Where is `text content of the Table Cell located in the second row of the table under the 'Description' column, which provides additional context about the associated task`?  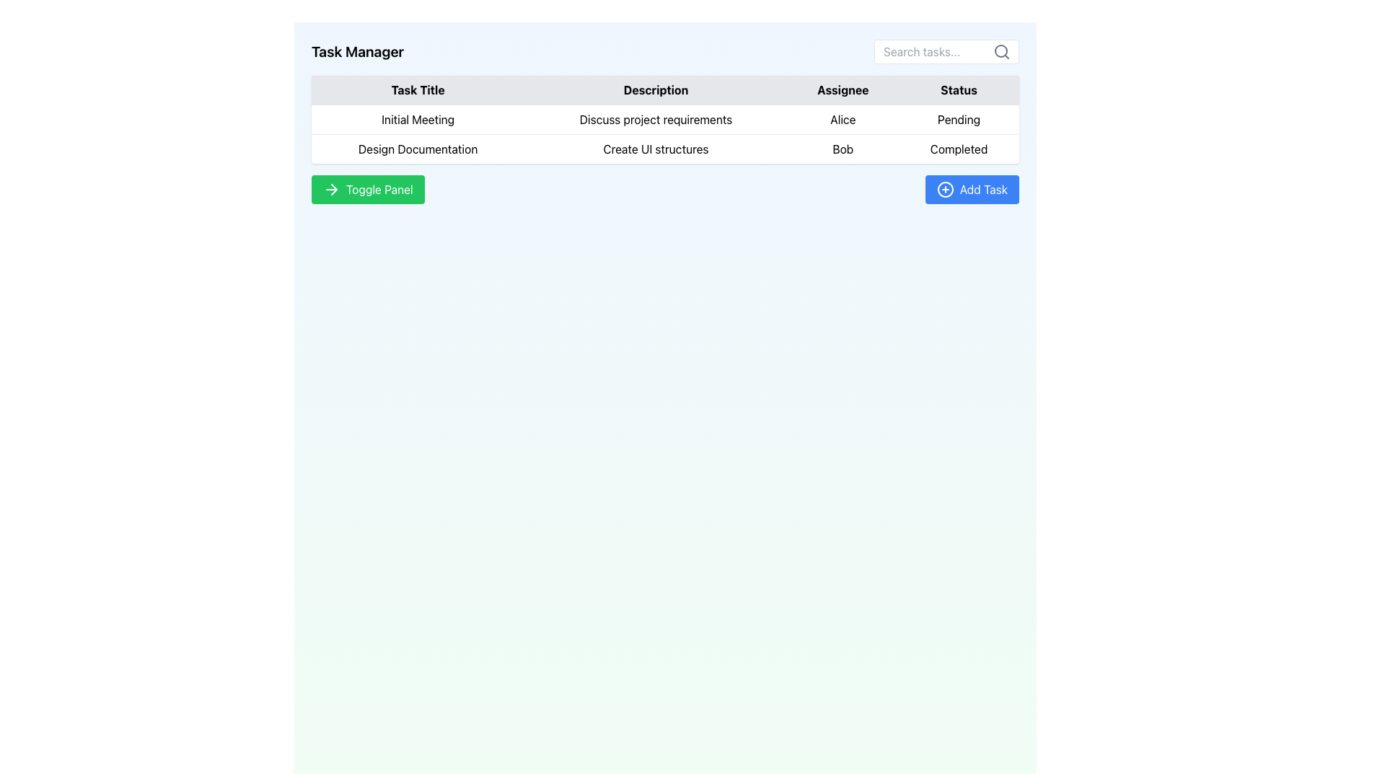
text content of the Table Cell located in the second row of the table under the 'Description' column, which provides additional context about the associated task is located at coordinates (655, 149).